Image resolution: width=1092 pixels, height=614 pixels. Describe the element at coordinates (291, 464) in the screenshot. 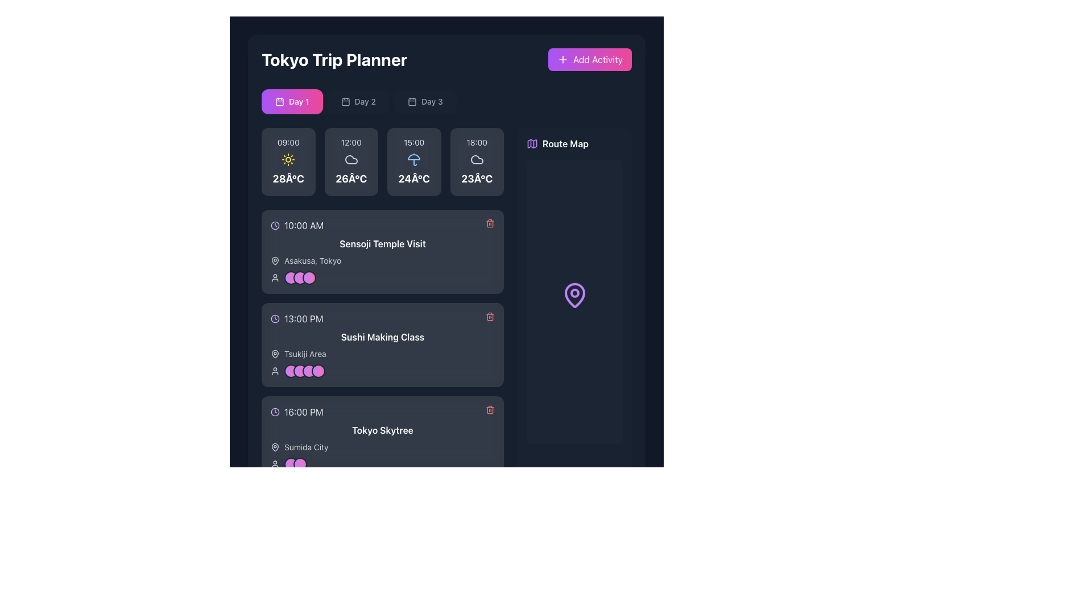

I see `the user avatar placeholder visual indicator located below the 'Sumida City' text in the trip activity card for 'Tokyo Skytree'` at that location.